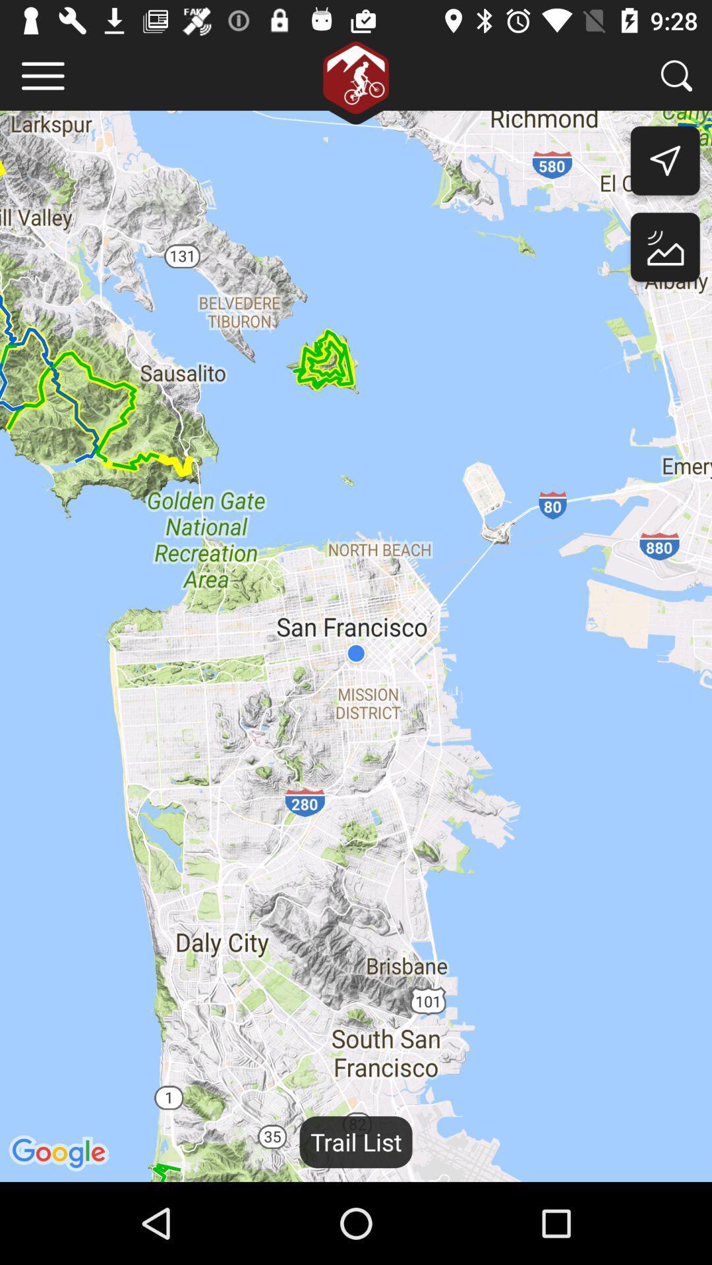  What do you see at coordinates (42, 75) in the screenshot?
I see `open menu list` at bounding box center [42, 75].